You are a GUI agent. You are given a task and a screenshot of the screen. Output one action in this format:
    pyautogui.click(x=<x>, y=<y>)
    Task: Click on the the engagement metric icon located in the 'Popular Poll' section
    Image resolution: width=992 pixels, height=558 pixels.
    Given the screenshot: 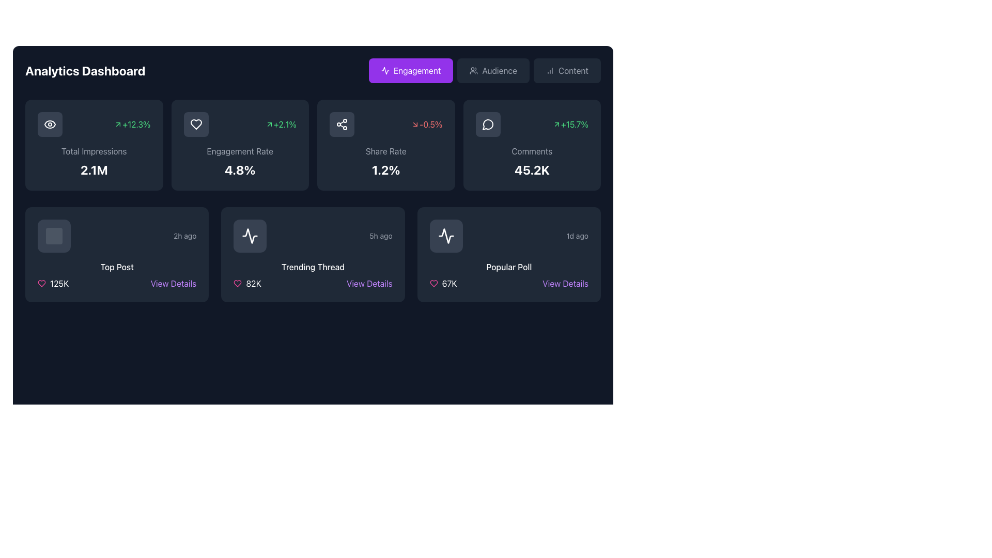 What is the action you would take?
    pyautogui.click(x=446, y=236)
    